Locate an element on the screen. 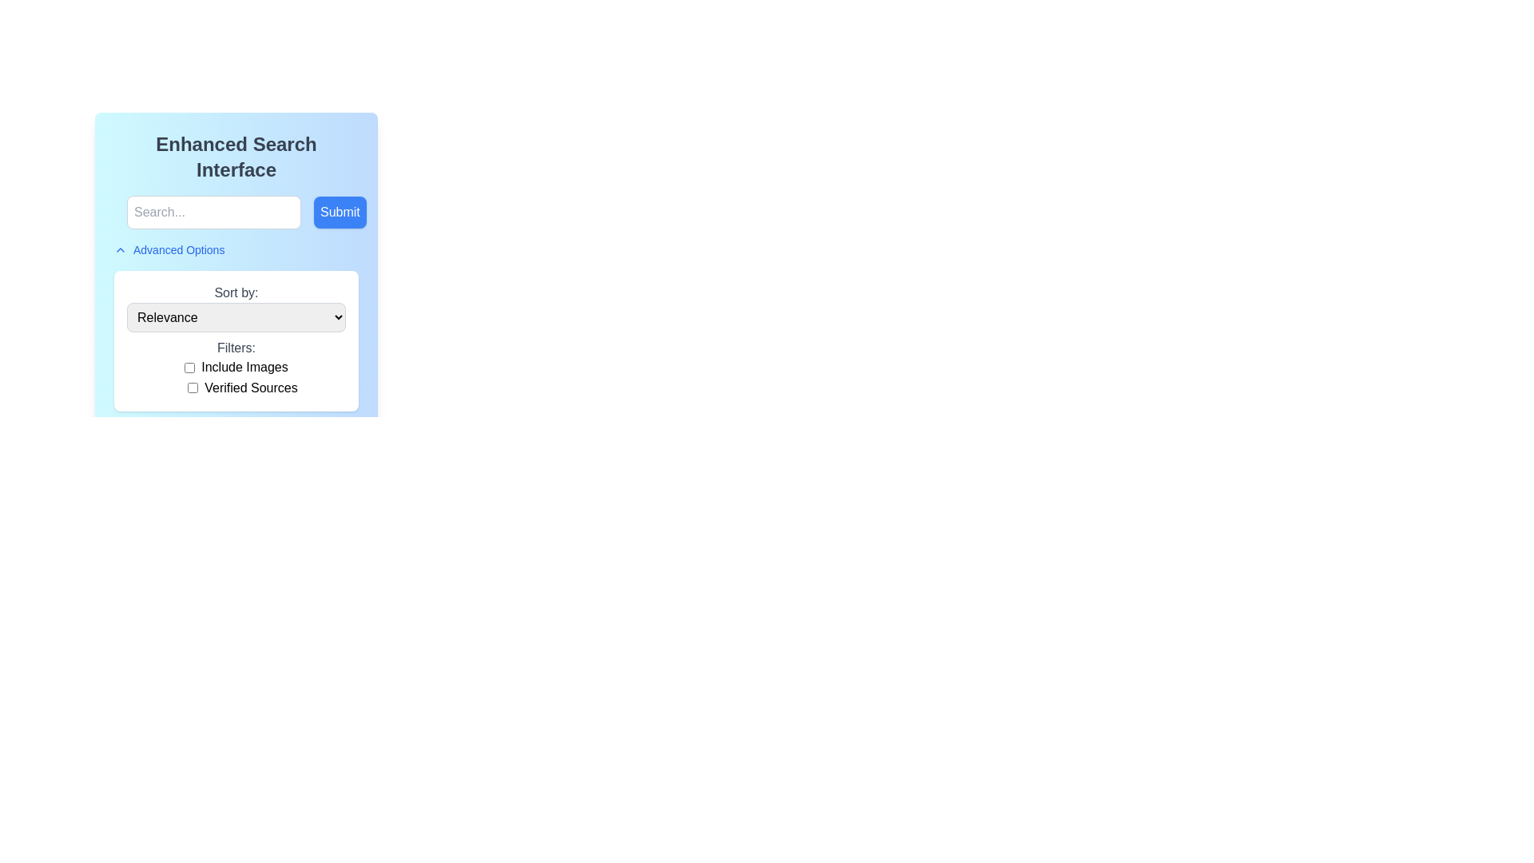 Image resolution: width=1534 pixels, height=863 pixels. the checkbox located in the 'Filters:' section, which is the first item in the vertical list is located at coordinates (236, 367).